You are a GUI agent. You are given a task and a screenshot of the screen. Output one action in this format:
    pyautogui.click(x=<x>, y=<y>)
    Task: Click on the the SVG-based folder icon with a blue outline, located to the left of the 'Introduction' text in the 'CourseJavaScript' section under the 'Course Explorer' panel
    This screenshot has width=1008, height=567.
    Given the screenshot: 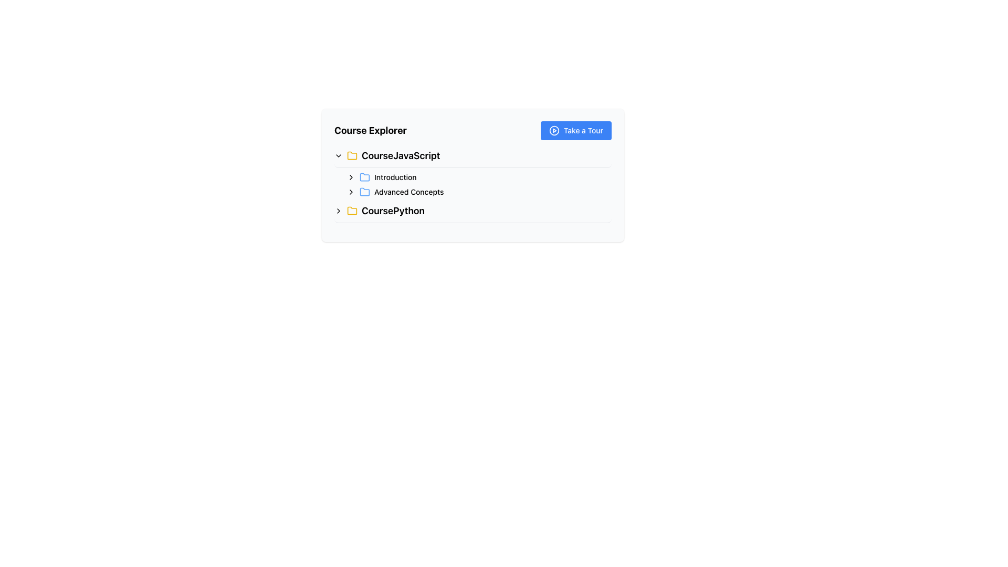 What is the action you would take?
    pyautogui.click(x=365, y=177)
    